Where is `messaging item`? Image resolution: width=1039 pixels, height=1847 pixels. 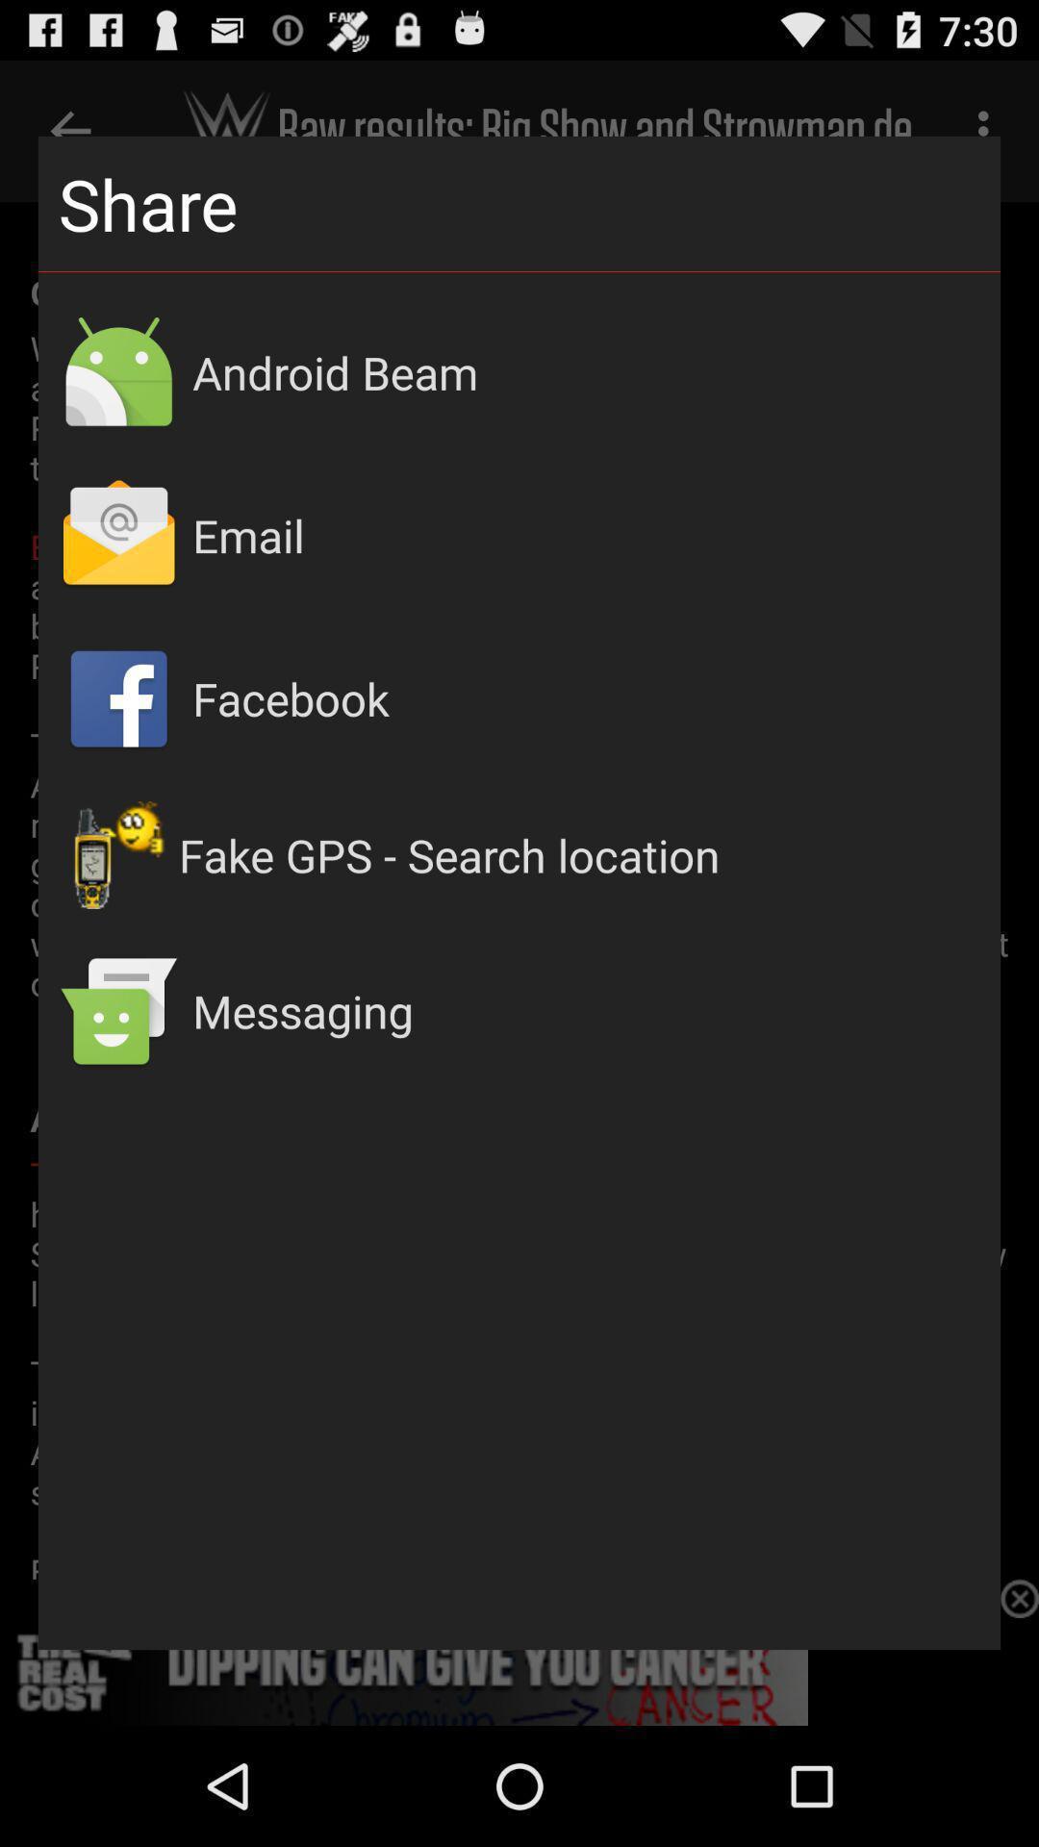 messaging item is located at coordinates (585, 1010).